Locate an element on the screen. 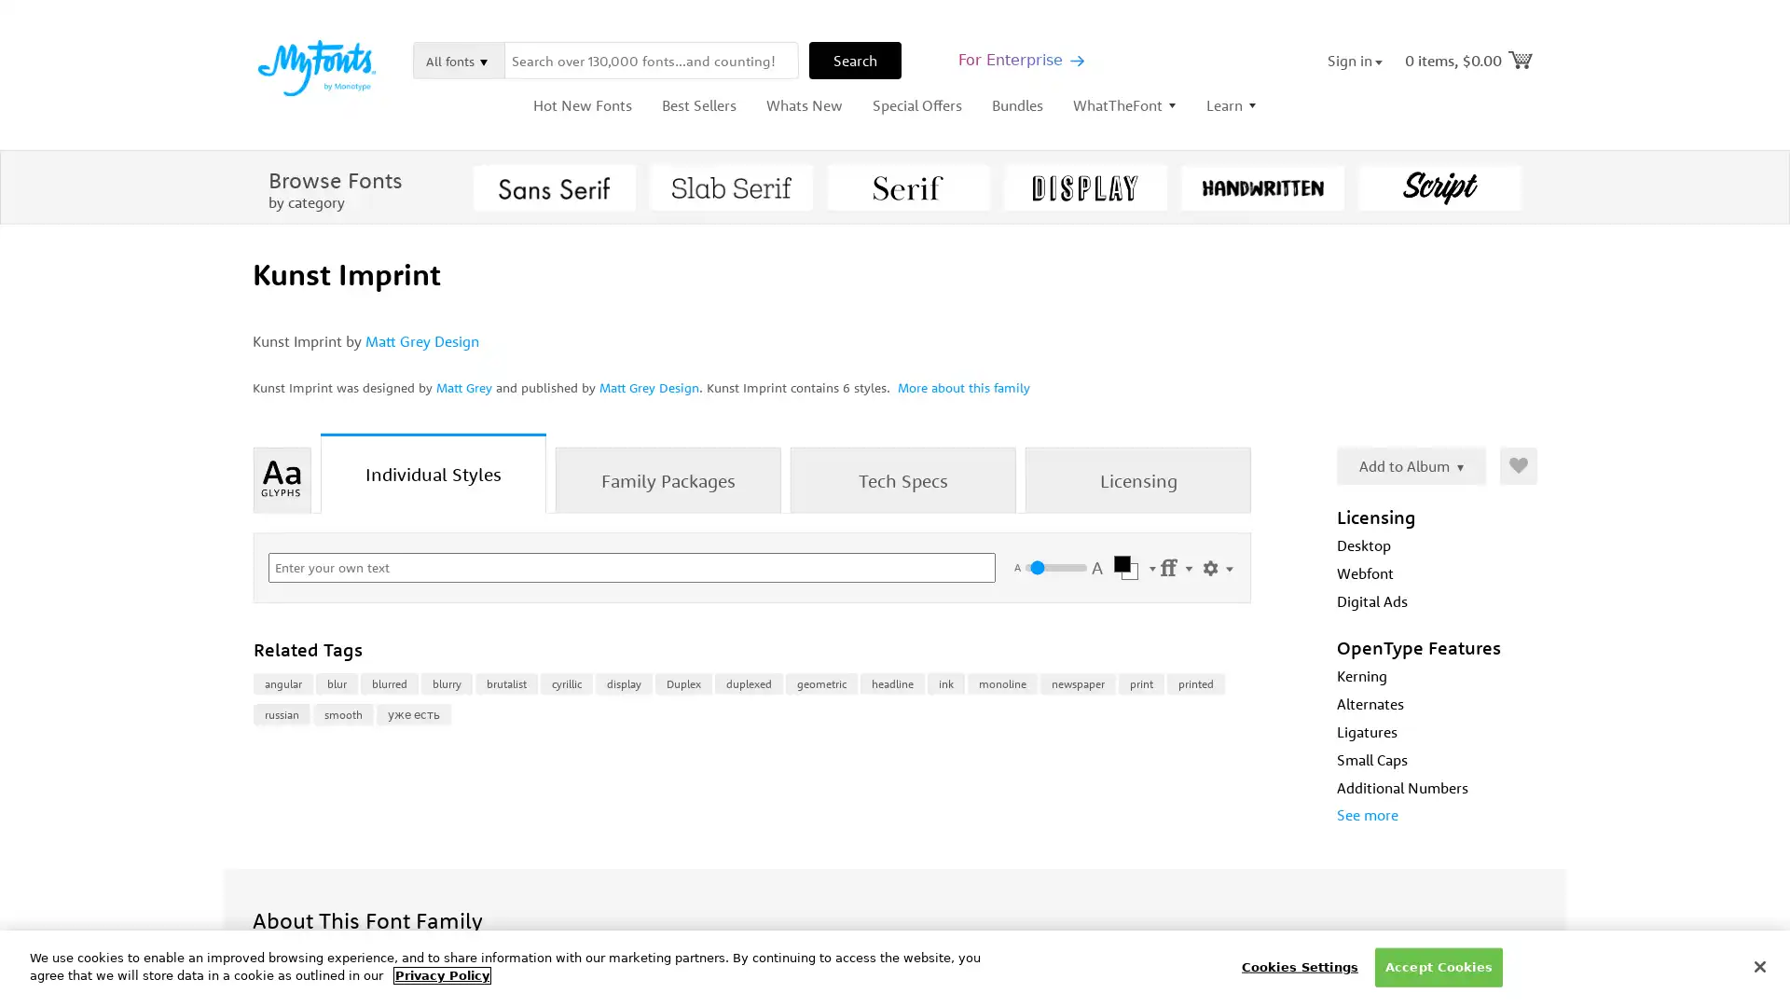 The width and height of the screenshot is (1790, 1007). Sign in is located at coordinates (1355, 60).